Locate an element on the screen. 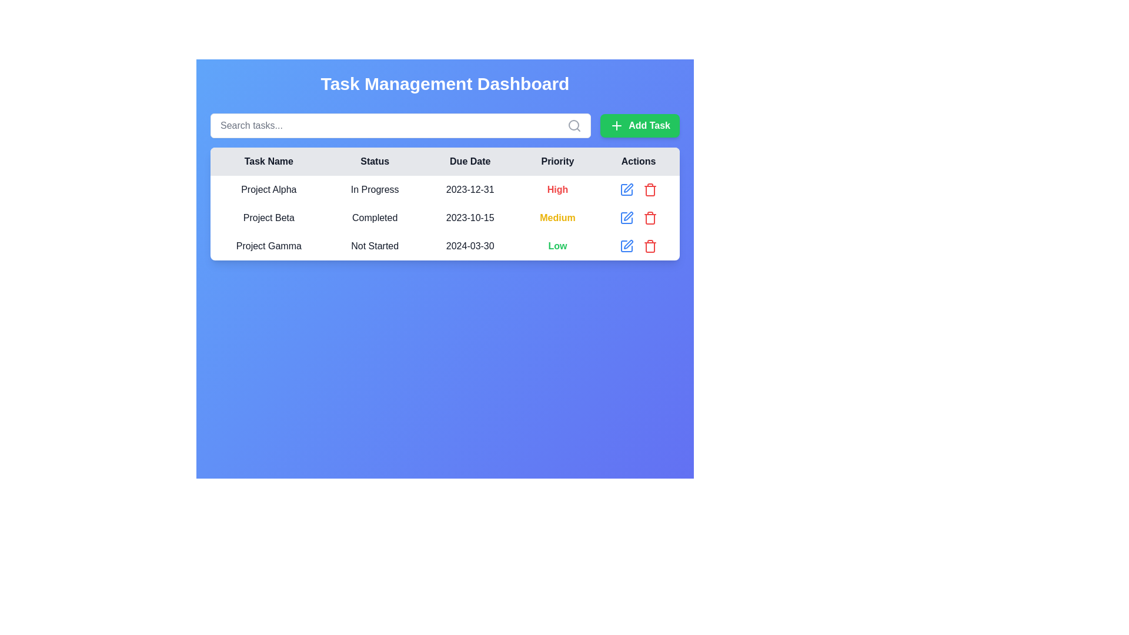 The width and height of the screenshot is (1129, 635). the editing icon with a blue outline in the 'Actions' column for 'Project Beta' is located at coordinates (626, 218).